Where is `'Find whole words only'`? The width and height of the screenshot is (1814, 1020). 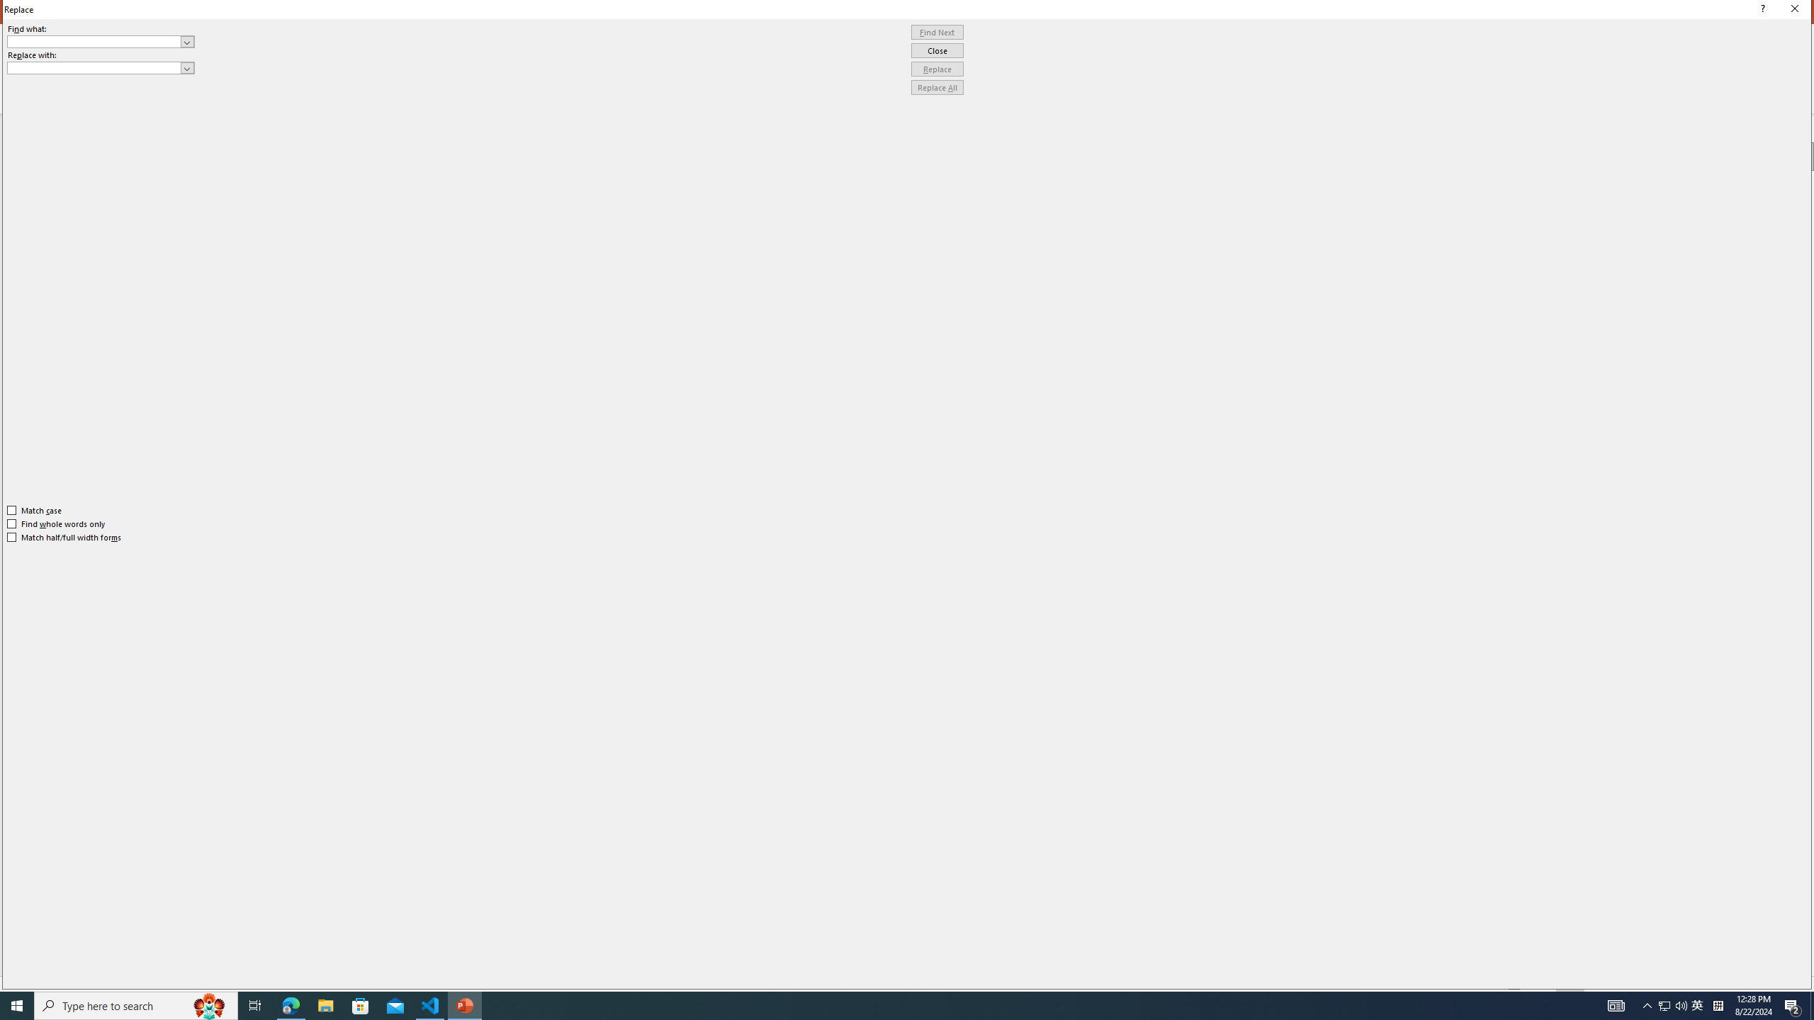 'Find whole words only' is located at coordinates (57, 523).